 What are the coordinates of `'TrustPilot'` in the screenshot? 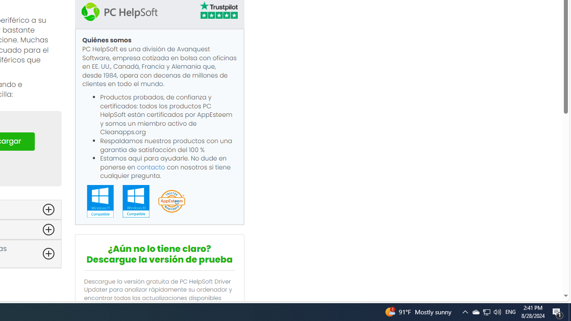 It's located at (218, 12).